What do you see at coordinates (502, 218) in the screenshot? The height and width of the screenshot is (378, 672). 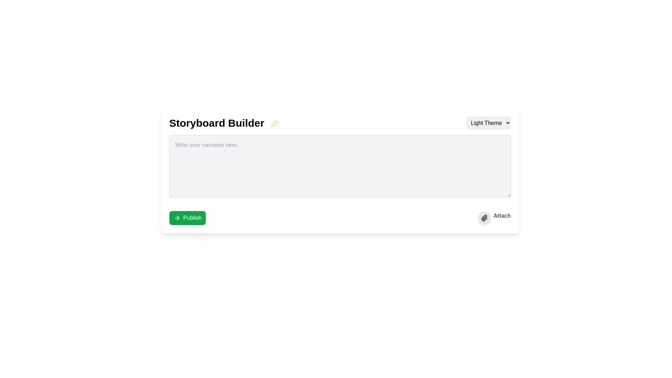 I see `the 'Attach' text label with bold gray font, positioned to the right of a paperclip icon in the bottom-right corner of the main layout` at bounding box center [502, 218].